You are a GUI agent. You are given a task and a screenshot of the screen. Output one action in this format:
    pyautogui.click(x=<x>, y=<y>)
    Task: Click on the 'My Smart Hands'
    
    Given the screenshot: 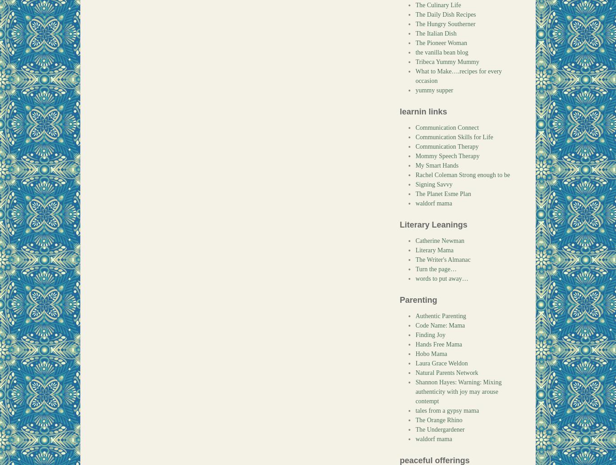 What is the action you would take?
    pyautogui.click(x=437, y=165)
    